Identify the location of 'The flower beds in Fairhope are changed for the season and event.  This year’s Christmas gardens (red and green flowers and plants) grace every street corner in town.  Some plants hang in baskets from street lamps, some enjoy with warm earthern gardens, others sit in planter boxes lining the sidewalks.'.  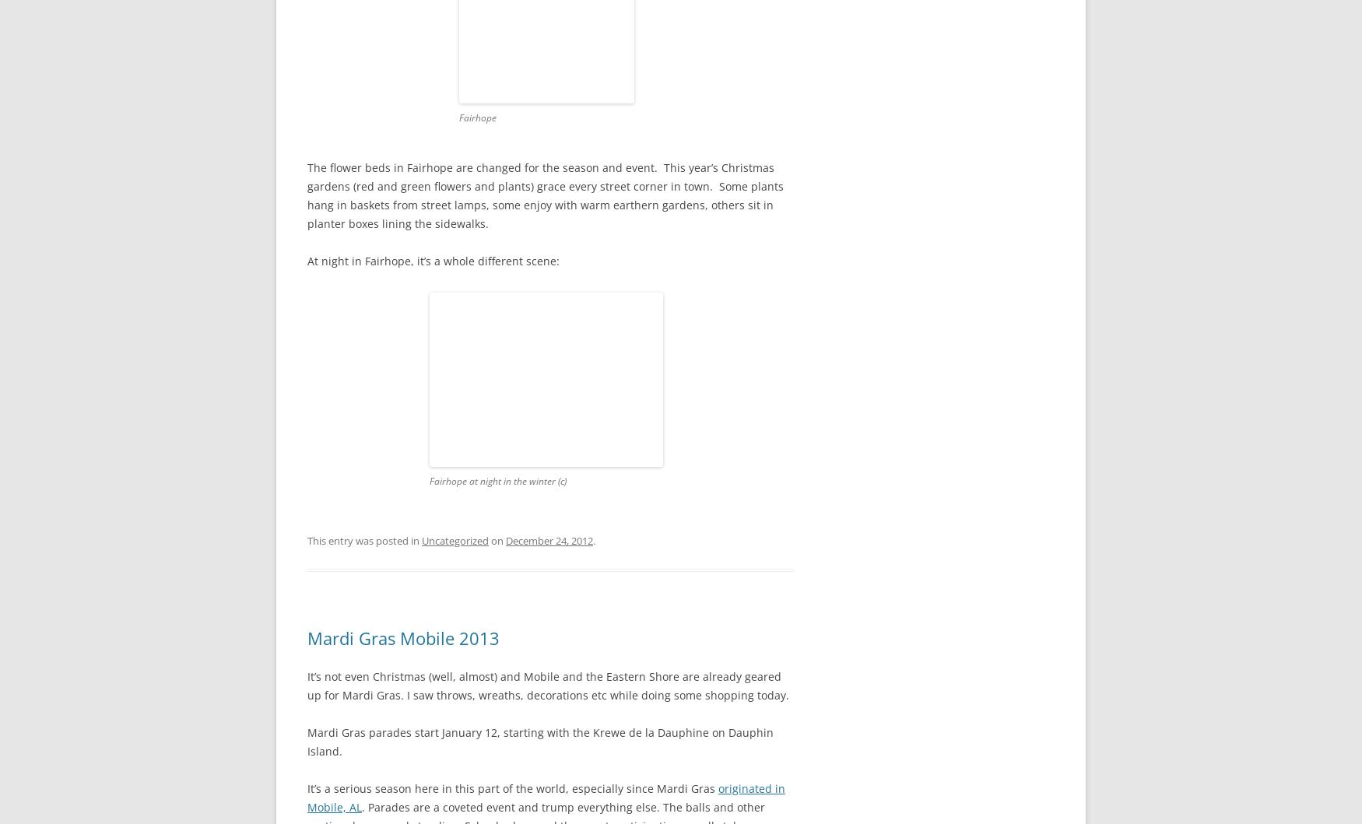
(546, 195).